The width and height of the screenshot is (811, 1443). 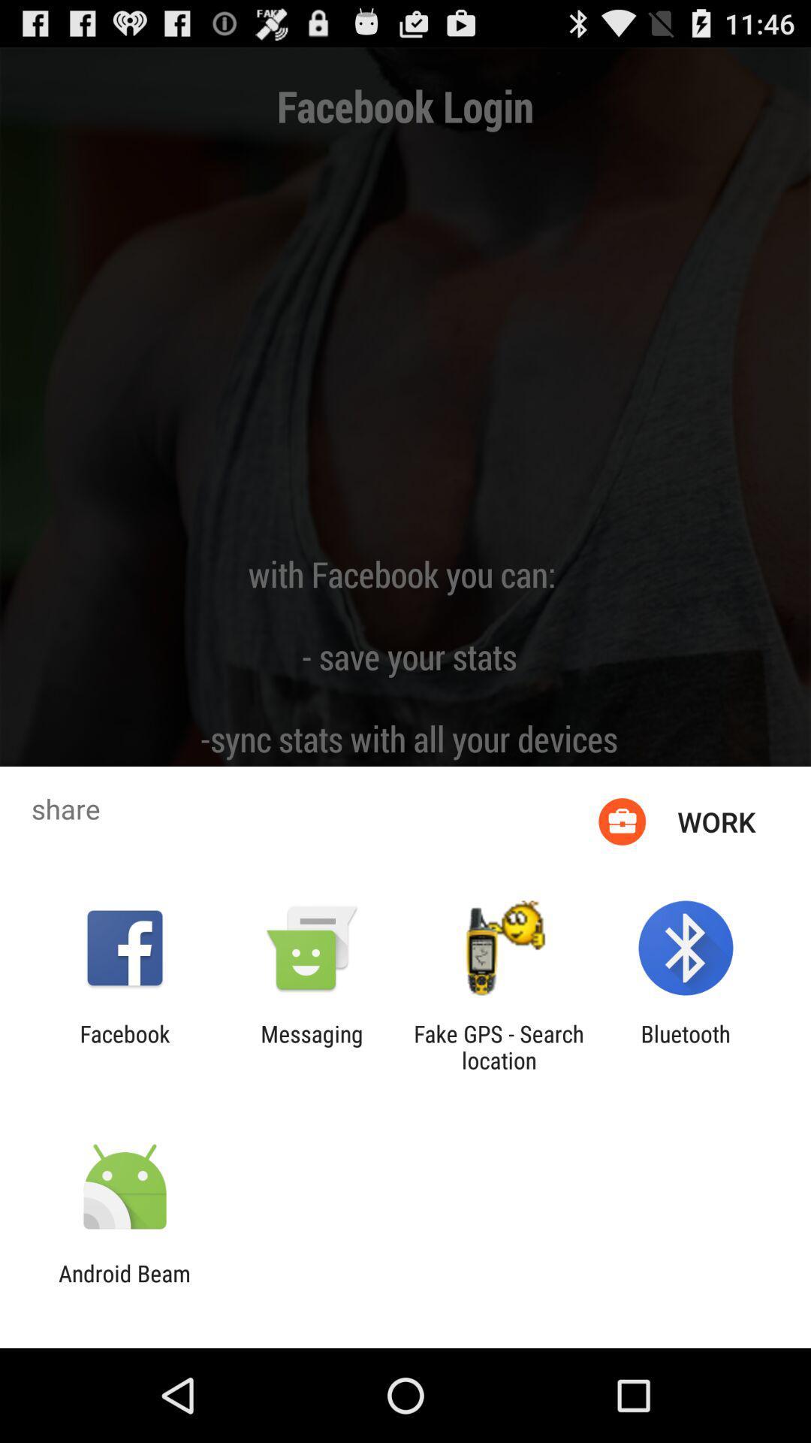 I want to click on the icon next to bluetooth item, so click(x=499, y=1046).